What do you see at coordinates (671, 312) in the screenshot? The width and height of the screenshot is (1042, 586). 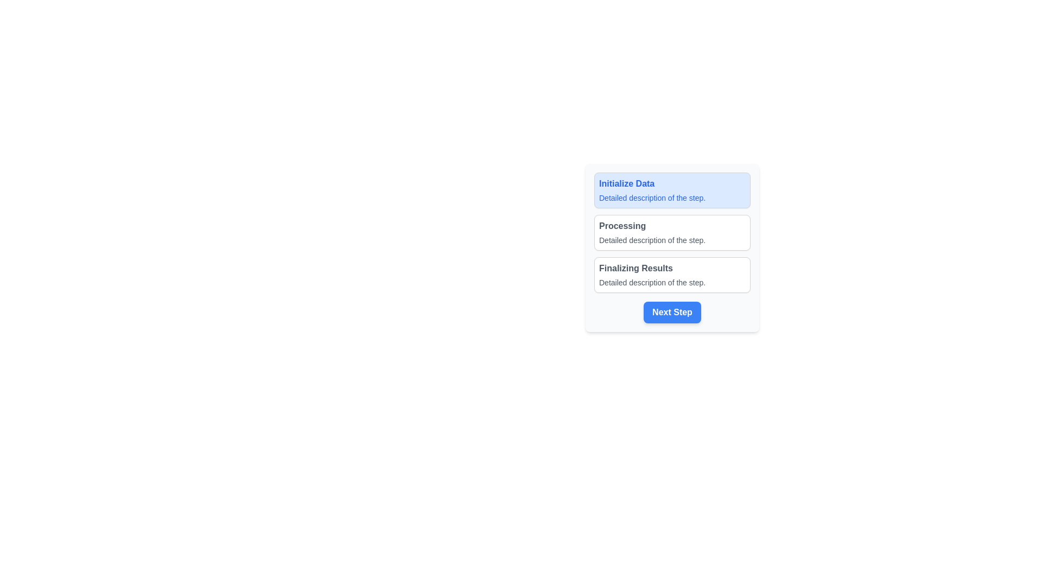 I see `the interactive button located at the bottom of the vertical process summary card` at bounding box center [671, 312].